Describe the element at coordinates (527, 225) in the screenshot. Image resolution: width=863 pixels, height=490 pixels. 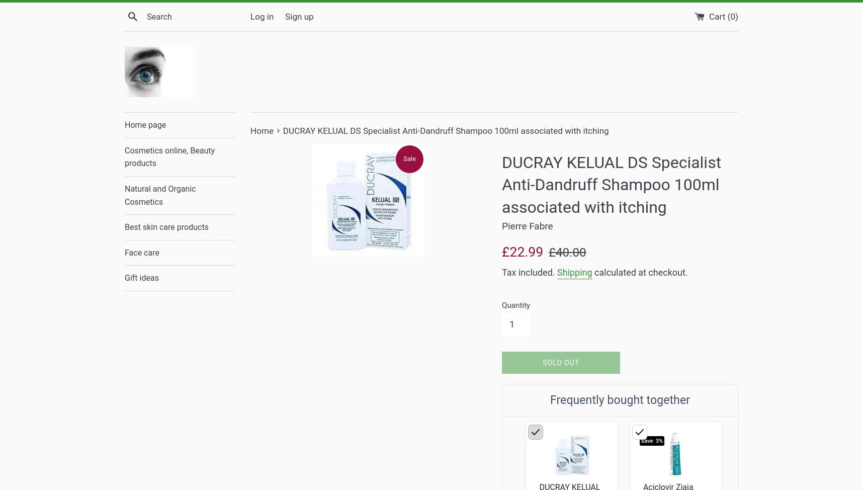
I see `'Pierre Fabre'` at that location.